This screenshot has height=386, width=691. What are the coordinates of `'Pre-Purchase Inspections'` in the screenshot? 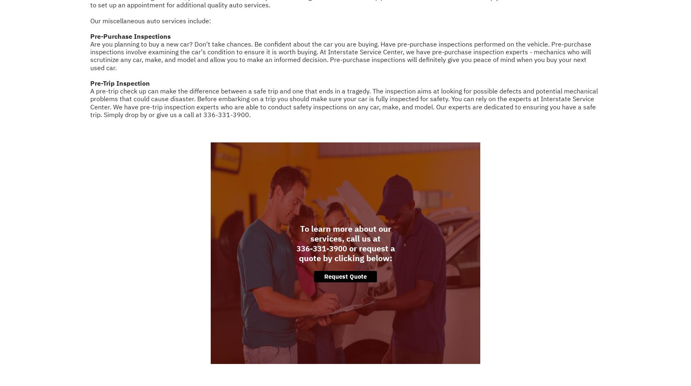 It's located at (130, 35).